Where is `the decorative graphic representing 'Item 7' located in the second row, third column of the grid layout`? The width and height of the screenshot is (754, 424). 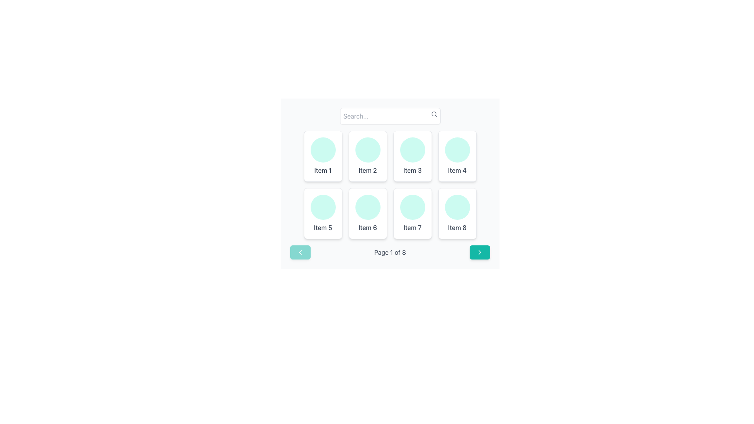 the decorative graphic representing 'Item 7' located in the second row, third column of the grid layout is located at coordinates (412, 207).